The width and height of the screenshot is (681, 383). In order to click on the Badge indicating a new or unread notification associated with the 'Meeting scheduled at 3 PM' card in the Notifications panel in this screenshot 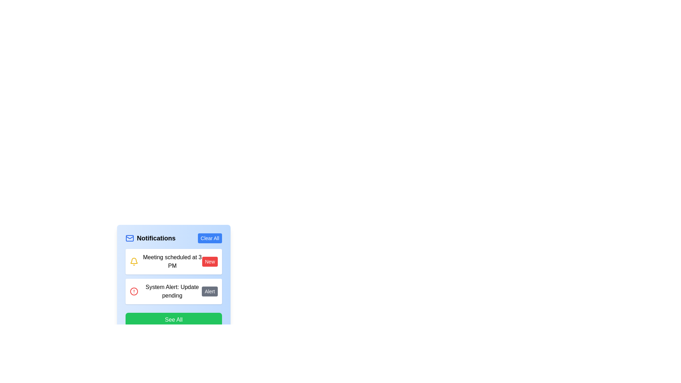, I will do `click(209, 261)`.